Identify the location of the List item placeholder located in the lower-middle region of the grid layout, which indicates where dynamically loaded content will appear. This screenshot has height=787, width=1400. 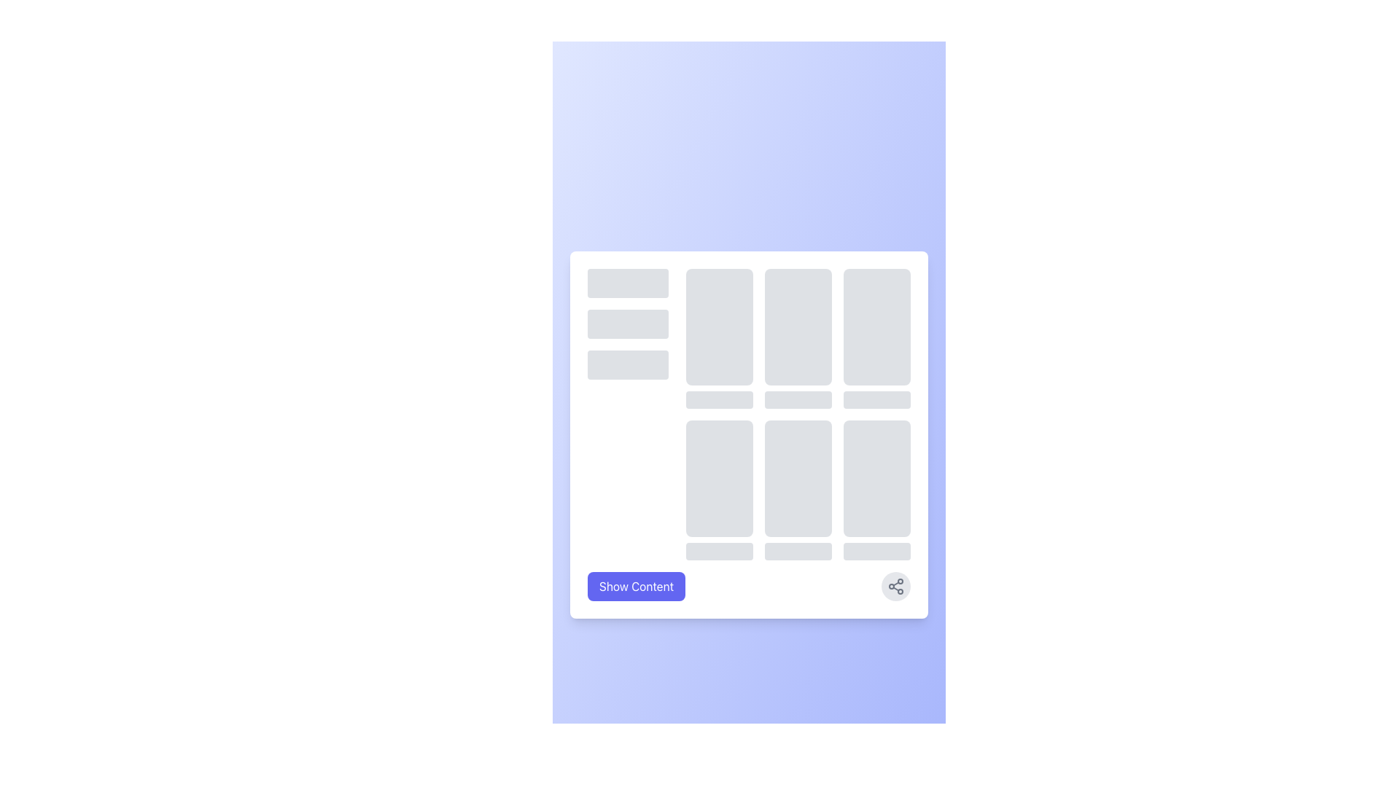
(797, 490).